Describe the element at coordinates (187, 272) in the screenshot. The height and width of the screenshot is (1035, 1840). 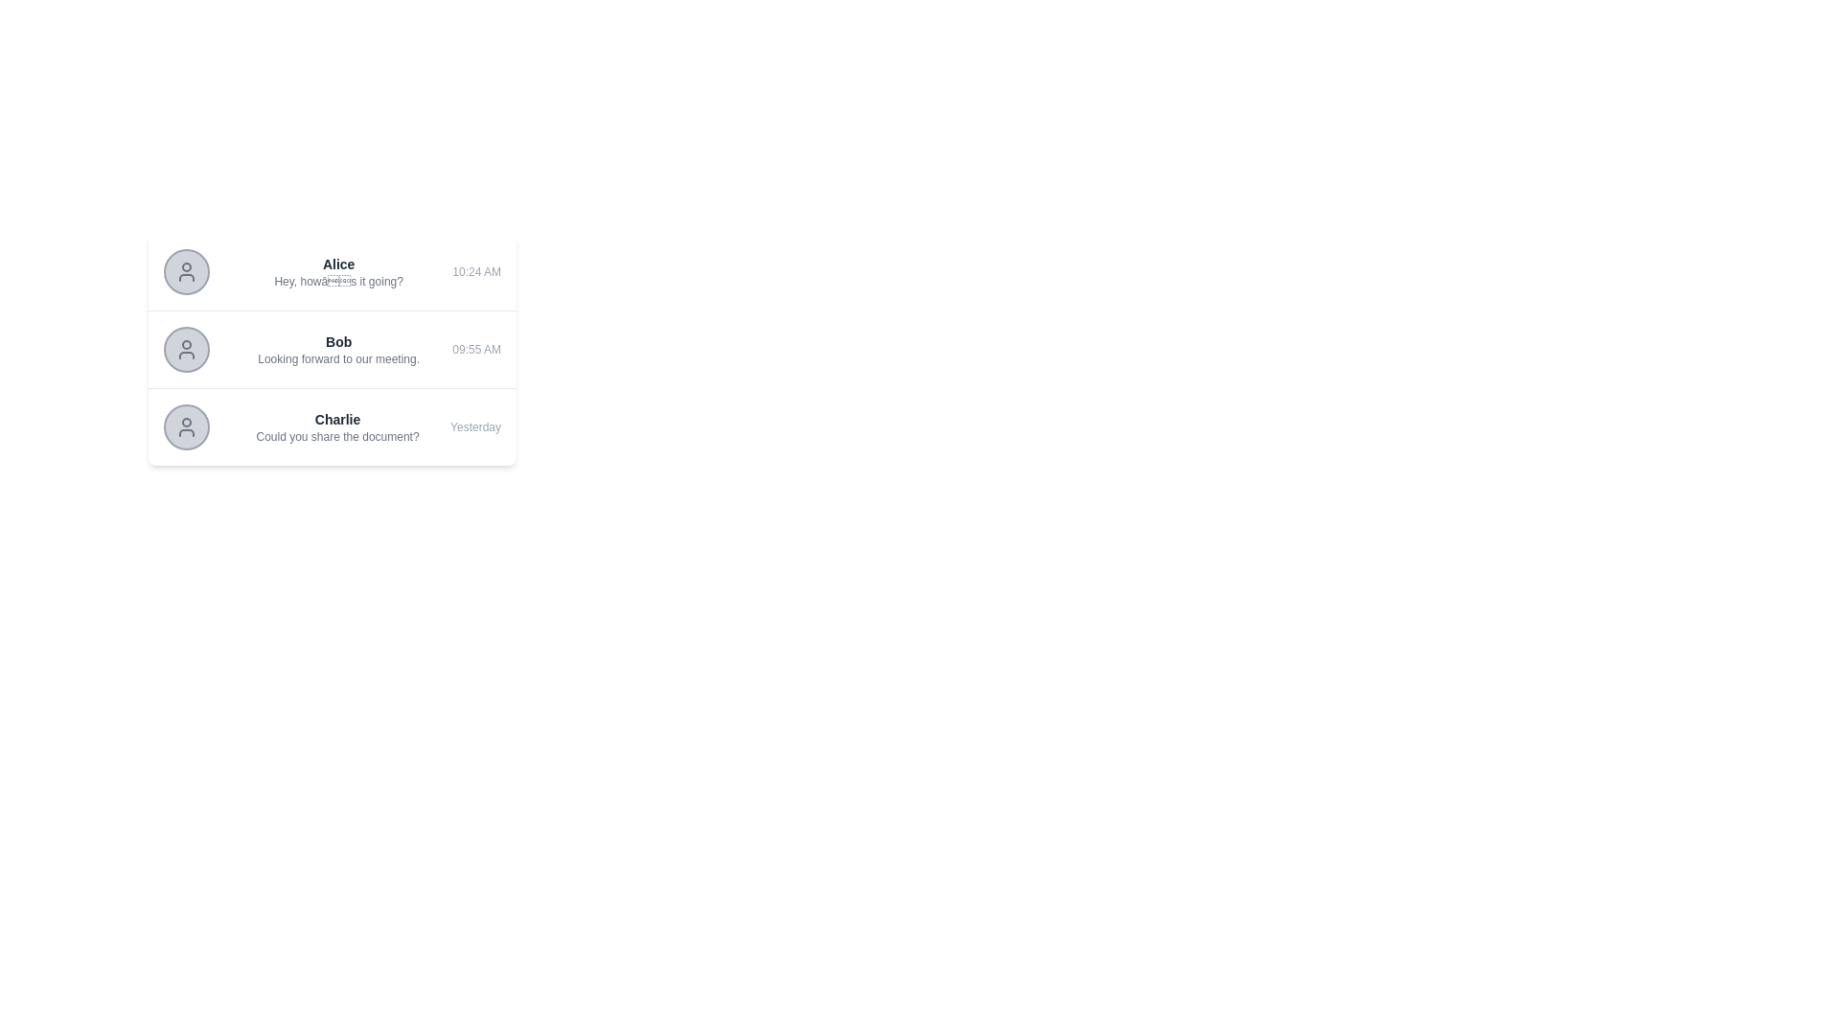
I see `the user profile icon located in the top-left corner of the first item in a vertically stacked list of user messages, which is represented as a circular gray area with a border` at that location.